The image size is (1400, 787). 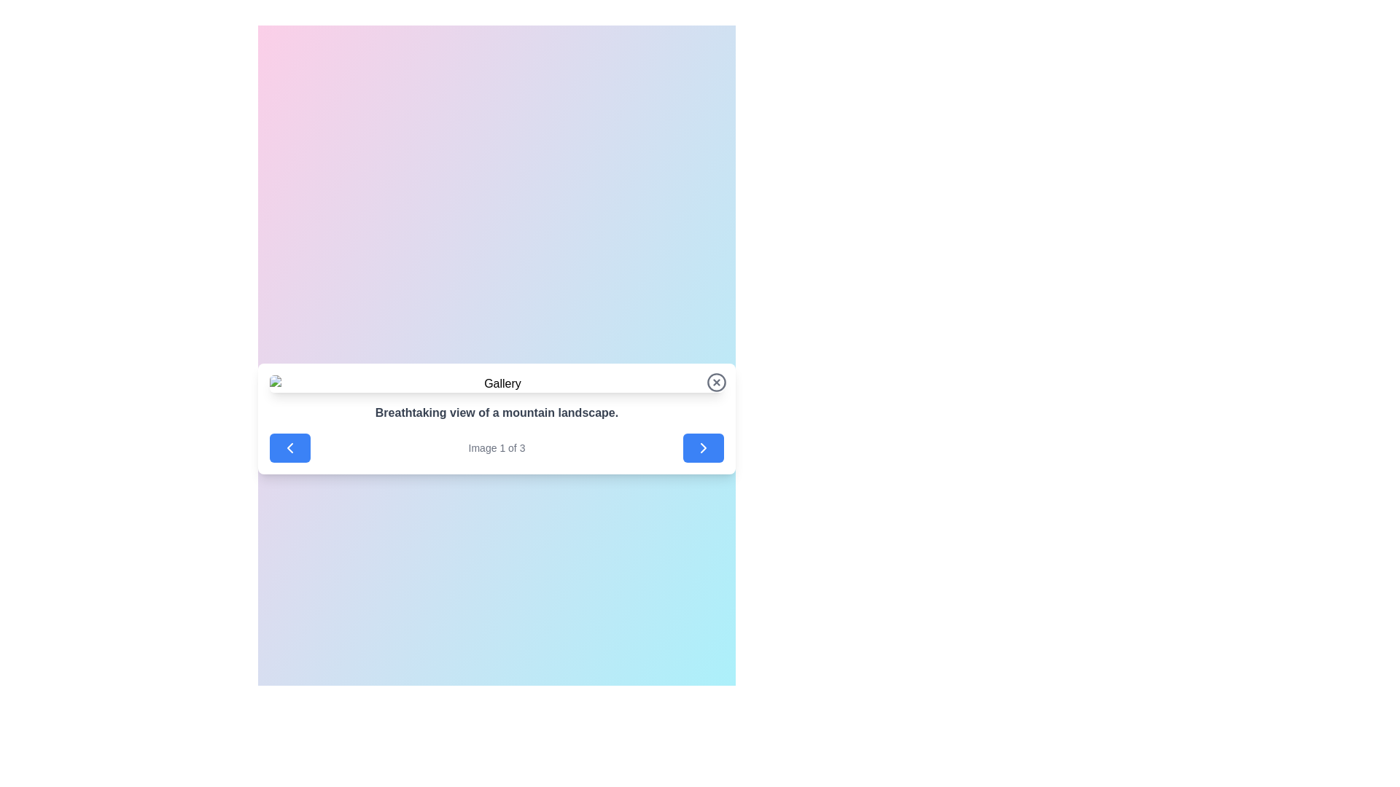 I want to click on the small right-pointing chevron navigation icon, which is styled with a white stroke and a blue background, so click(x=703, y=447).